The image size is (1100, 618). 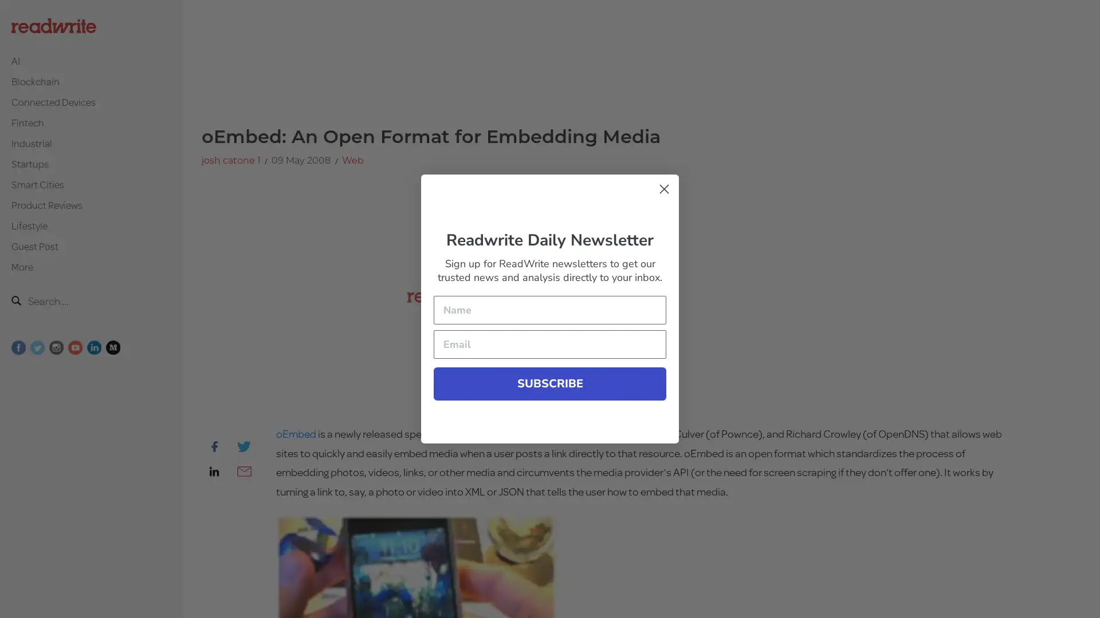 What do you see at coordinates (996, 549) in the screenshot?
I see `Submit` at bounding box center [996, 549].